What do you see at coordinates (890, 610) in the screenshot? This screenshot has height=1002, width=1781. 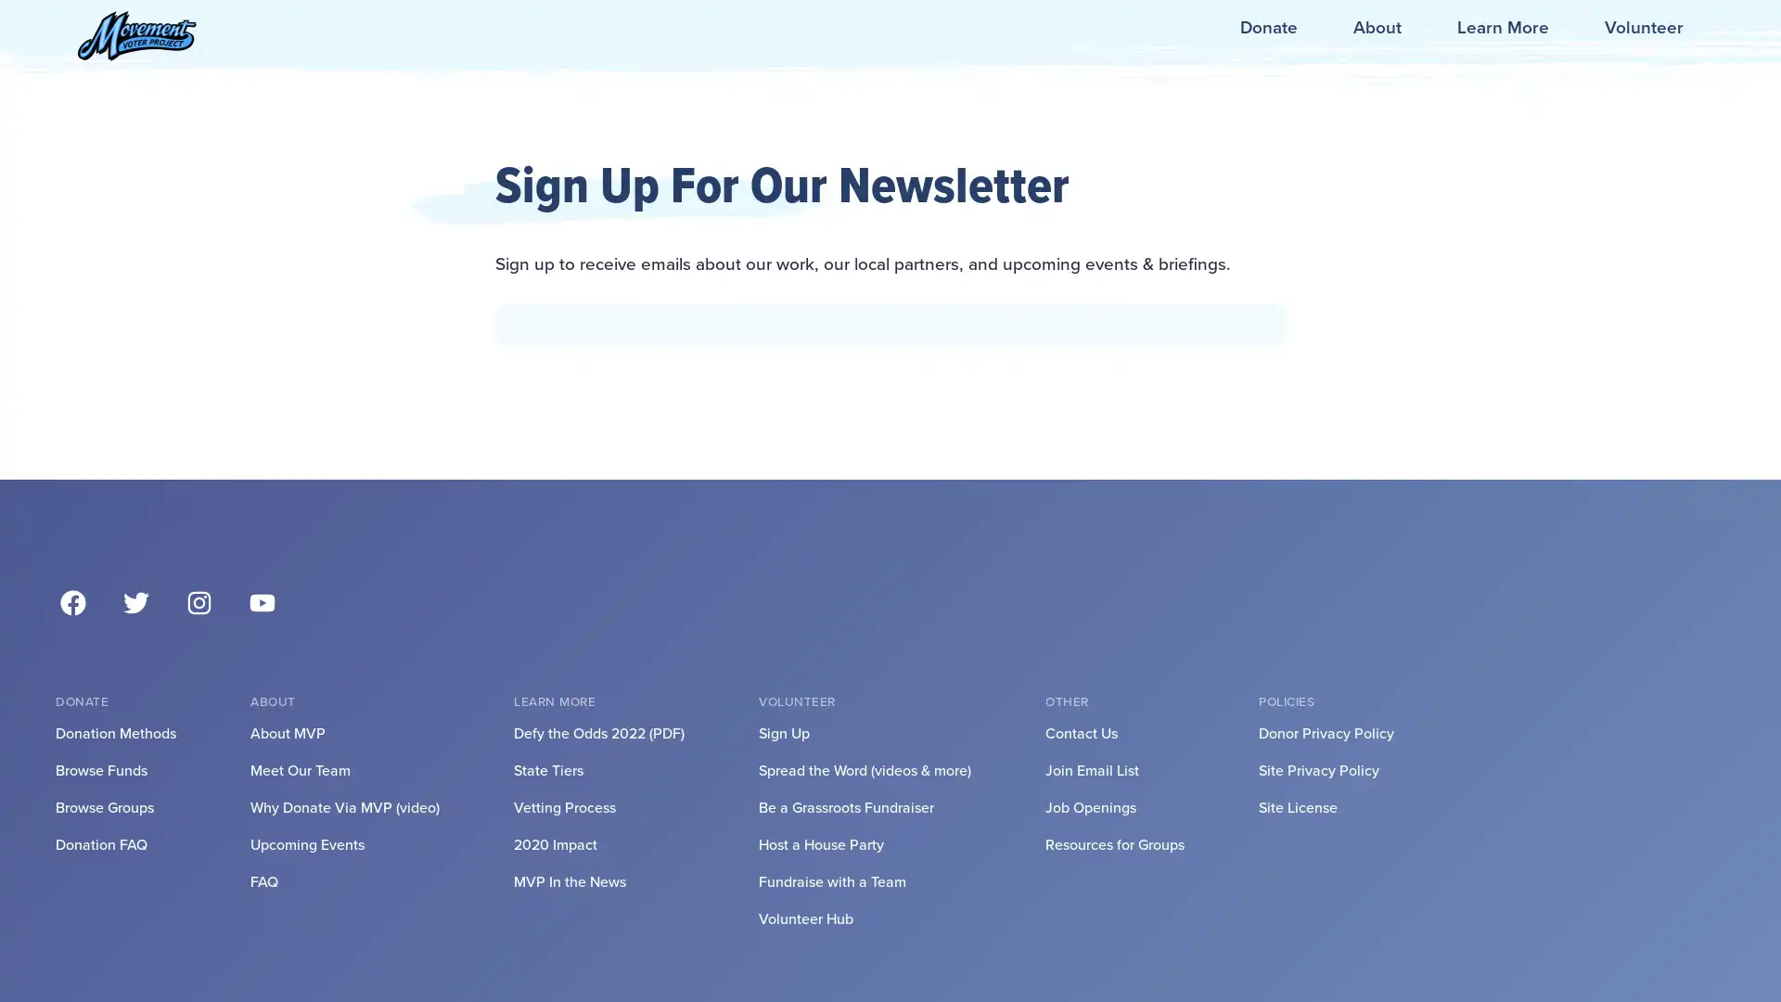 I see `Sign up` at bounding box center [890, 610].